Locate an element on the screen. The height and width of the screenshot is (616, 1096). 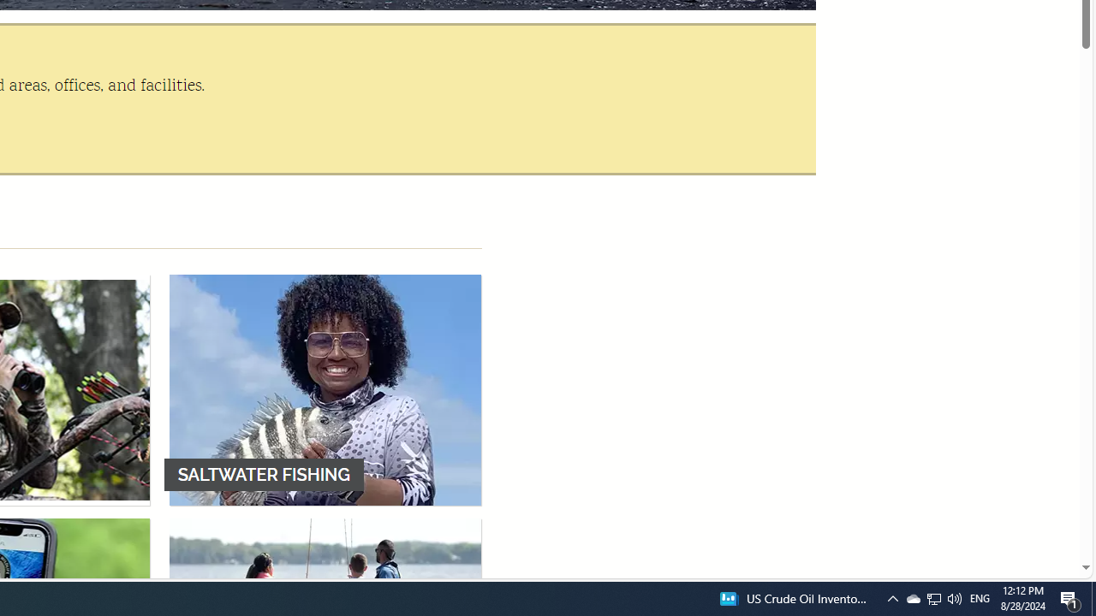
'SALTWATER FISHING' is located at coordinates (325, 389).